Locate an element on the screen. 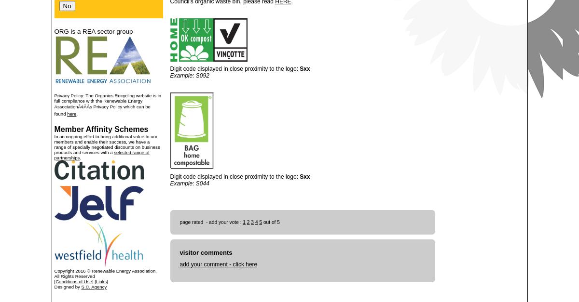  '2' is located at coordinates (246, 222).